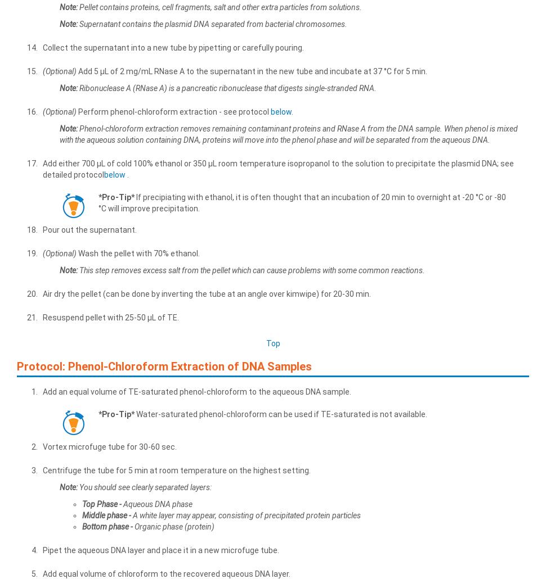 The image size is (546, 579). What do you see at coordinates (156, 503) in the screenshot?
I see `'Aqueous DNA phase'` at bounding box center [156, 503].